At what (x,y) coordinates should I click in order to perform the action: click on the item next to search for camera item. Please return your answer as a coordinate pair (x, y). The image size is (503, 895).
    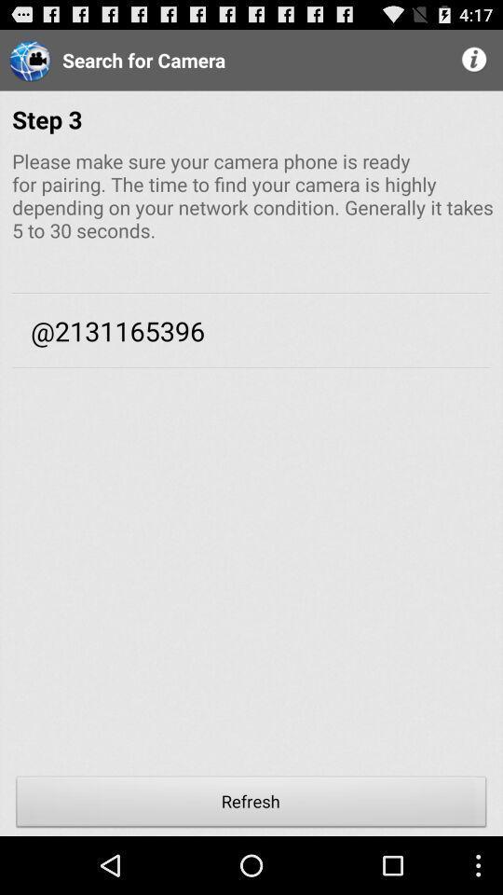
    Looking at the image, I should click on (475, 60).